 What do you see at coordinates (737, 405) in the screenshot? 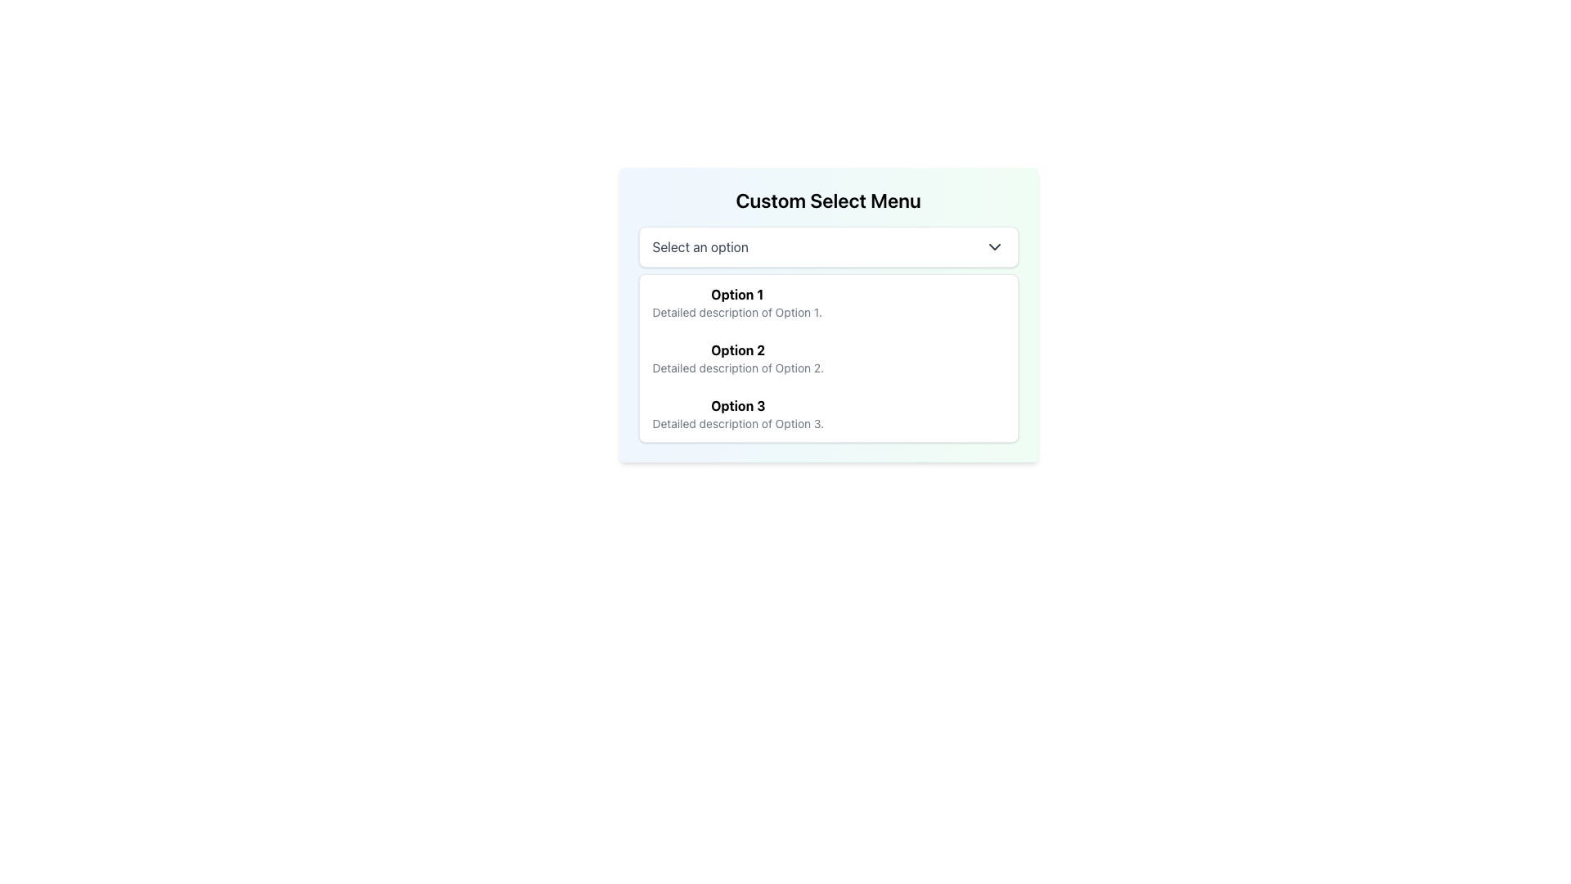
I see `the bold-styled text element labeled 'Option 3' located within the dropdown options list of a custom select menu` at bounding box center [737, 405].